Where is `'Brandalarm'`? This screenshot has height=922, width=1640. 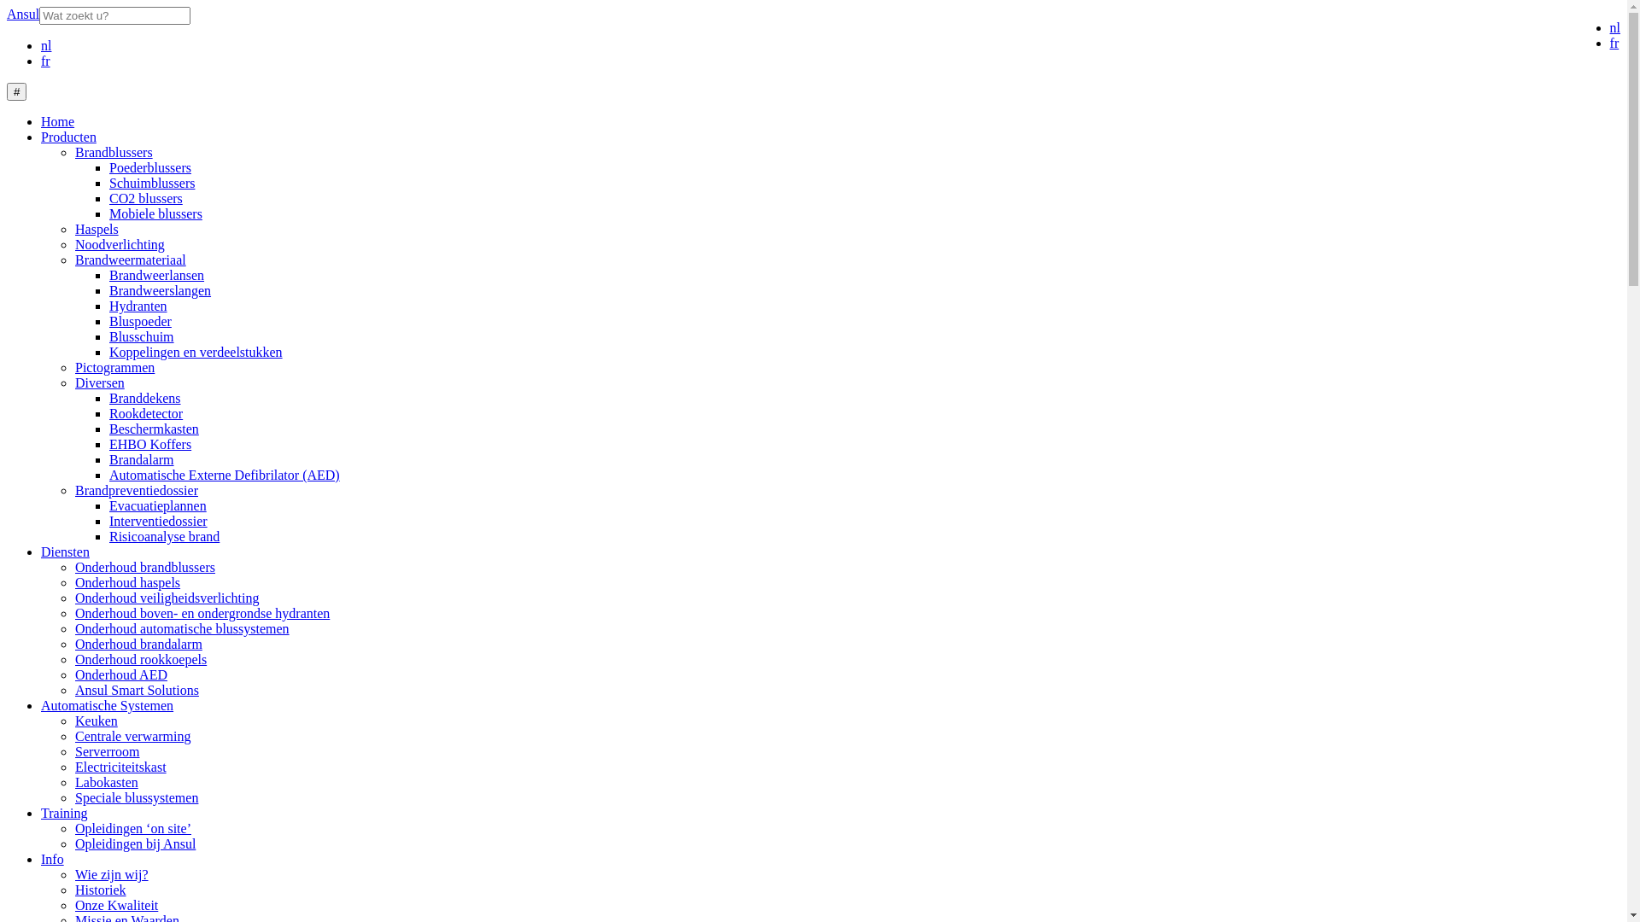 'Brandalarm' is located at coordinates (108, 458).